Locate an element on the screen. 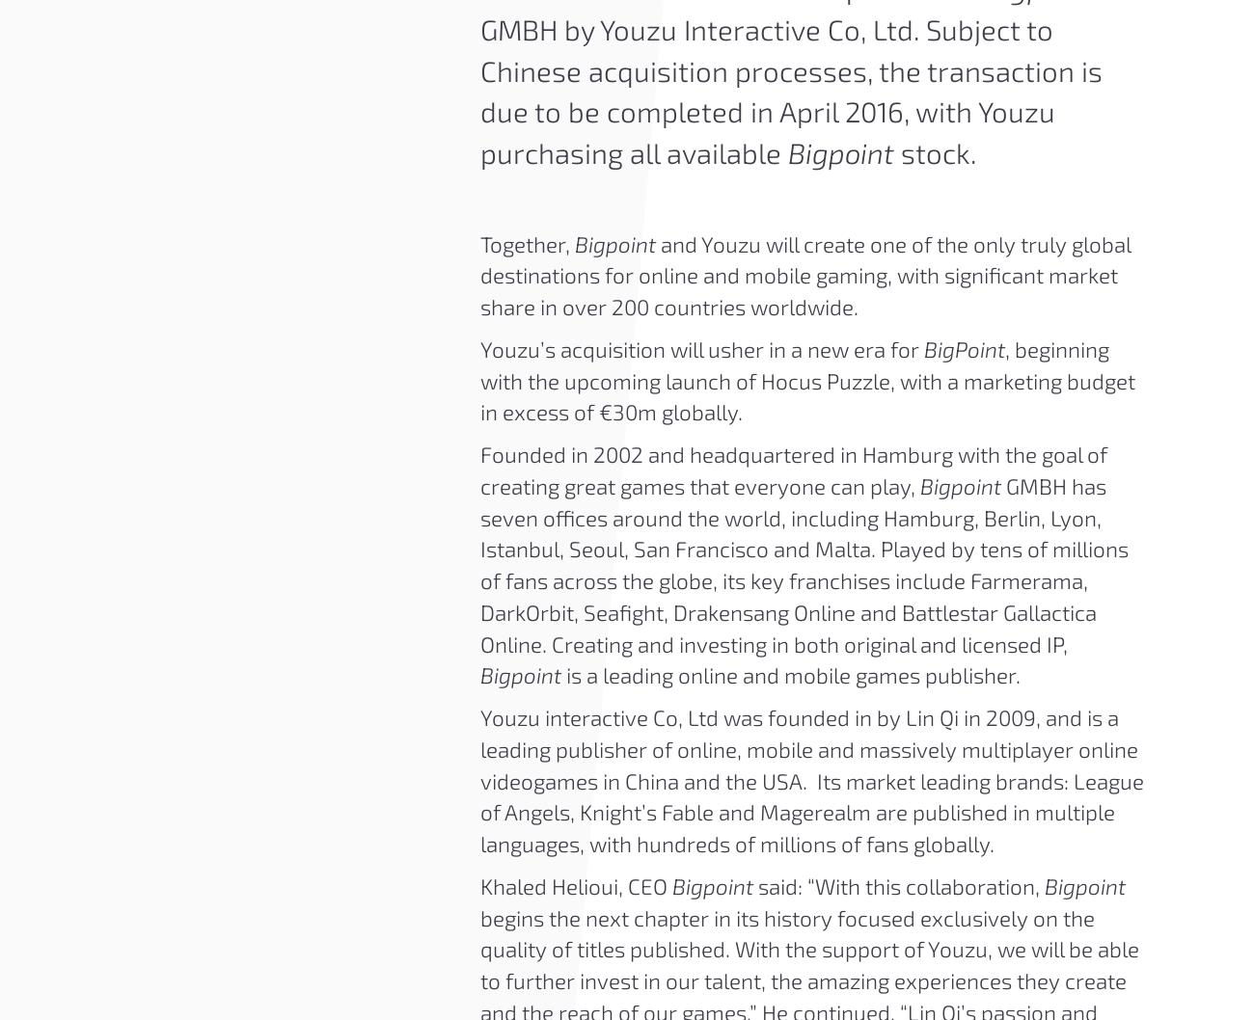 This screenshot has width=1254, height=1020. 'said: “With this collaboration,' is located at coordinates (898, 885).